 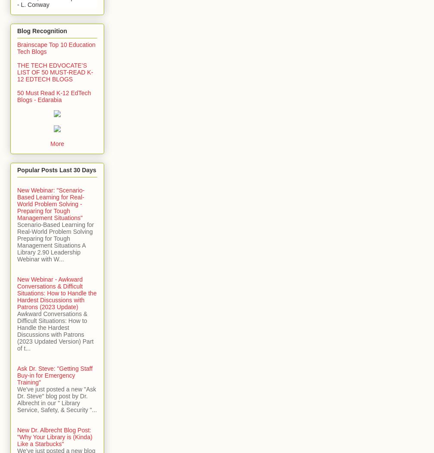 What do you see at coordinates (56, 242) in the screenshot?
I see `'Scenario-Based Learning for Real-World Problem Solving Preparing for Tough Management Situations   A Library 2.90 Leadership Webinar with W...'` at bounding box center [56, 242].